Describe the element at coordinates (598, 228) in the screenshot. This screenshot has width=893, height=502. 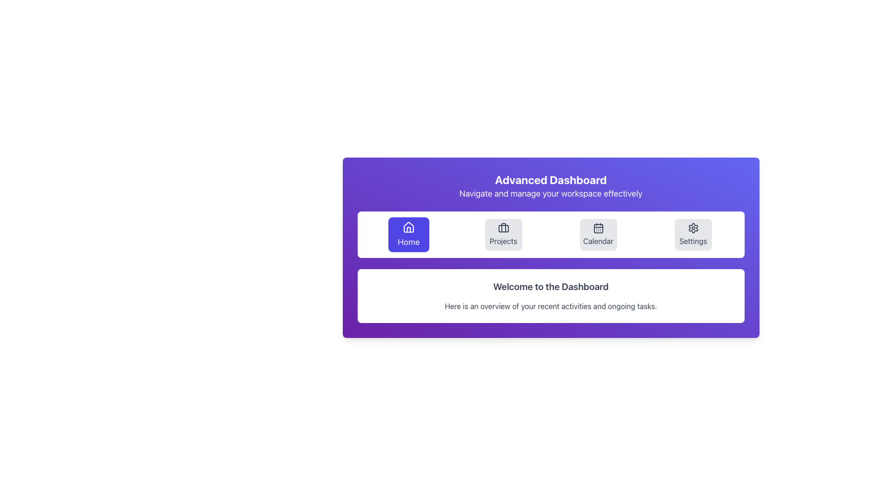
I see `the 'Calendar' icon, which is the third button in a horizontal row of four under the 'Advanced Dashboard' header` at that location.